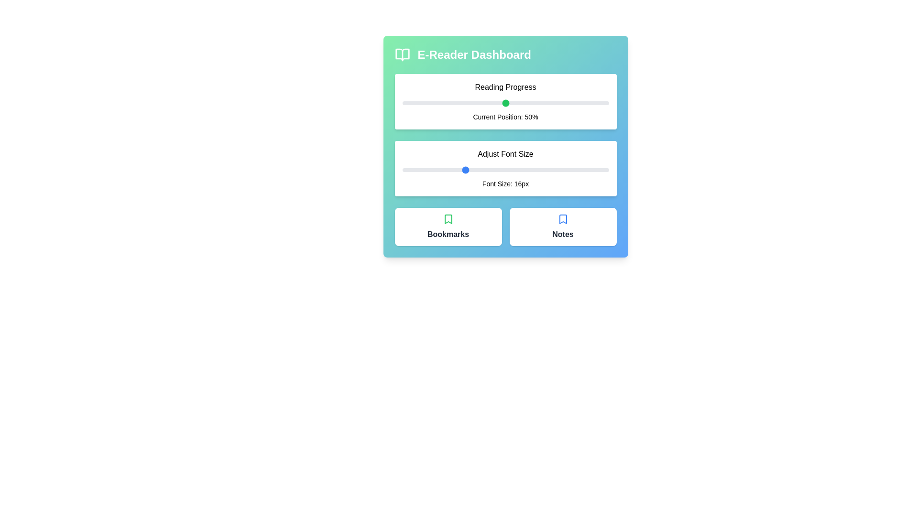 Image resolution: width=918 pixels, height=516 pixels. I want to click on the font size slider to 19 px, so click(495, 169).